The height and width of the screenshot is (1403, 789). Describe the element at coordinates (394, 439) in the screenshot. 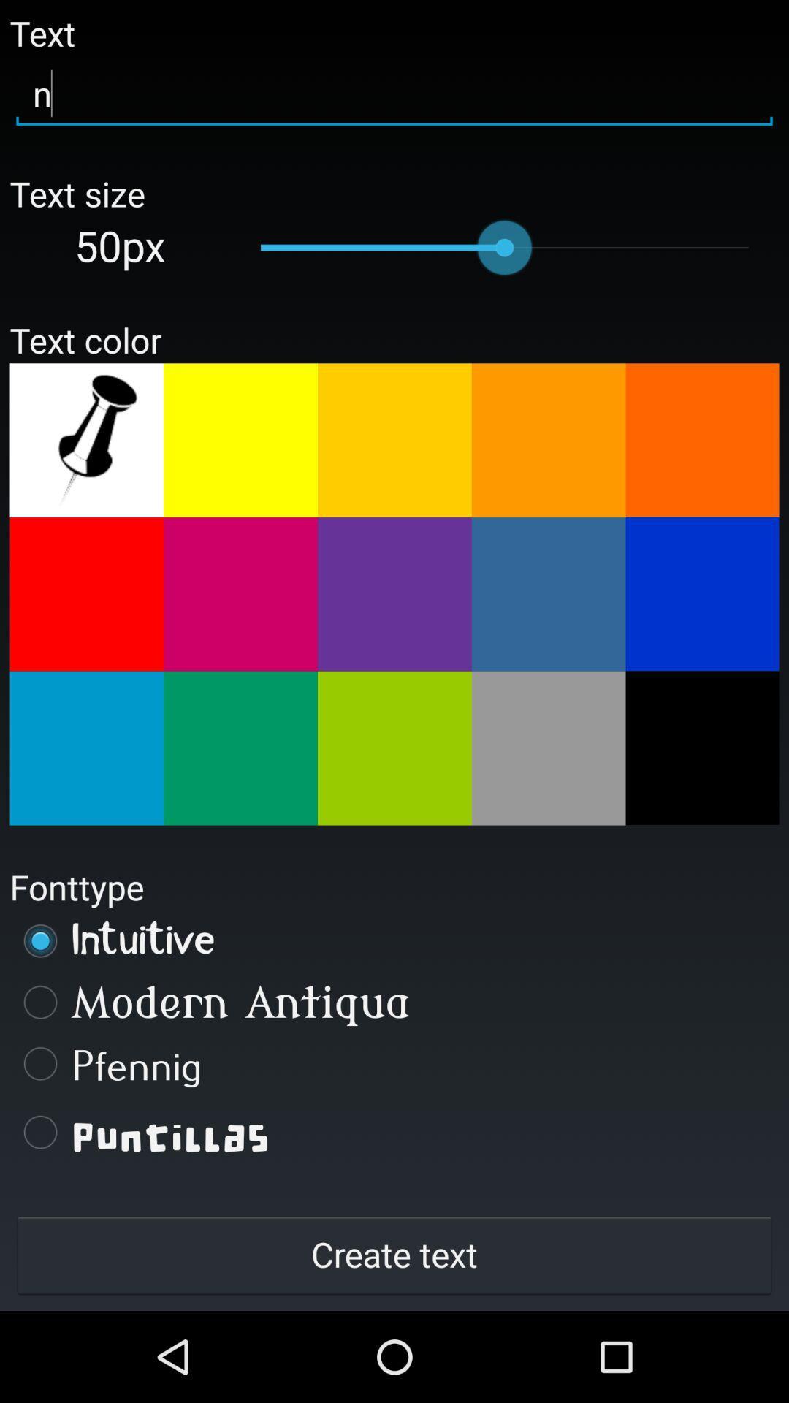

I see `orange` at that location.